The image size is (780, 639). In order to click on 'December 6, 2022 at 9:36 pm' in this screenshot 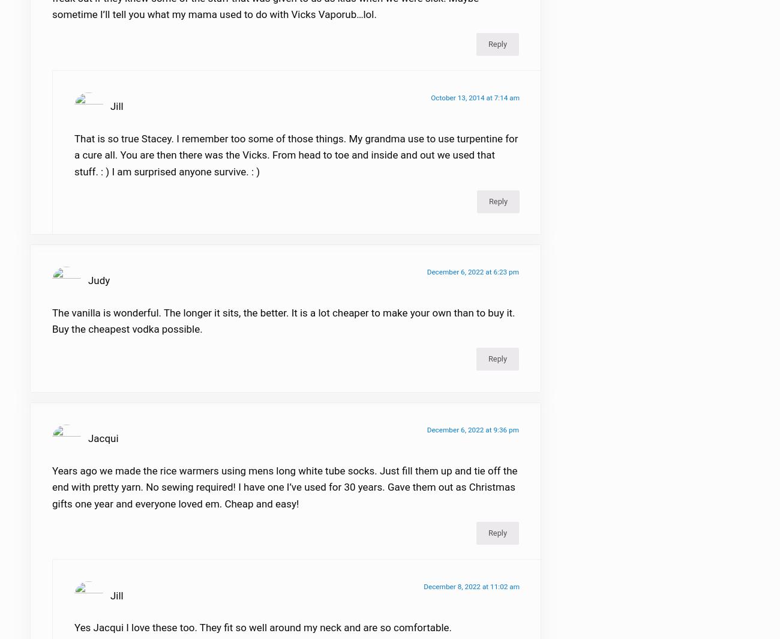, I will do `click(472, 437)`.